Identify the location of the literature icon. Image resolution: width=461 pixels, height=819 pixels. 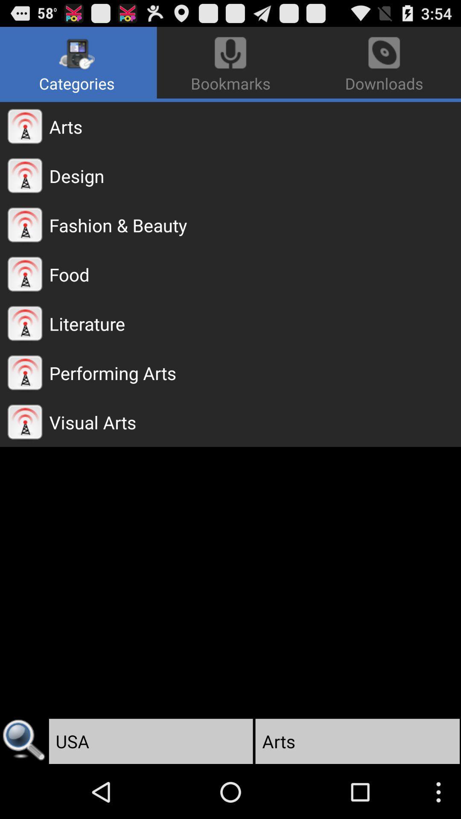
(254, 323).